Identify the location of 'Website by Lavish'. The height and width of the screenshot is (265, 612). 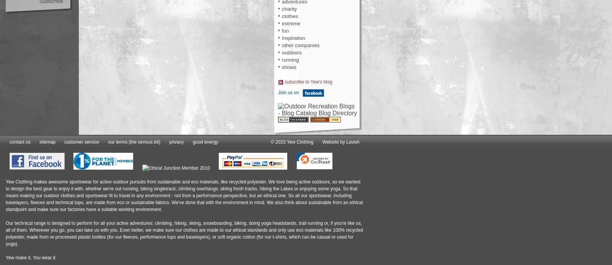
(321, 142).